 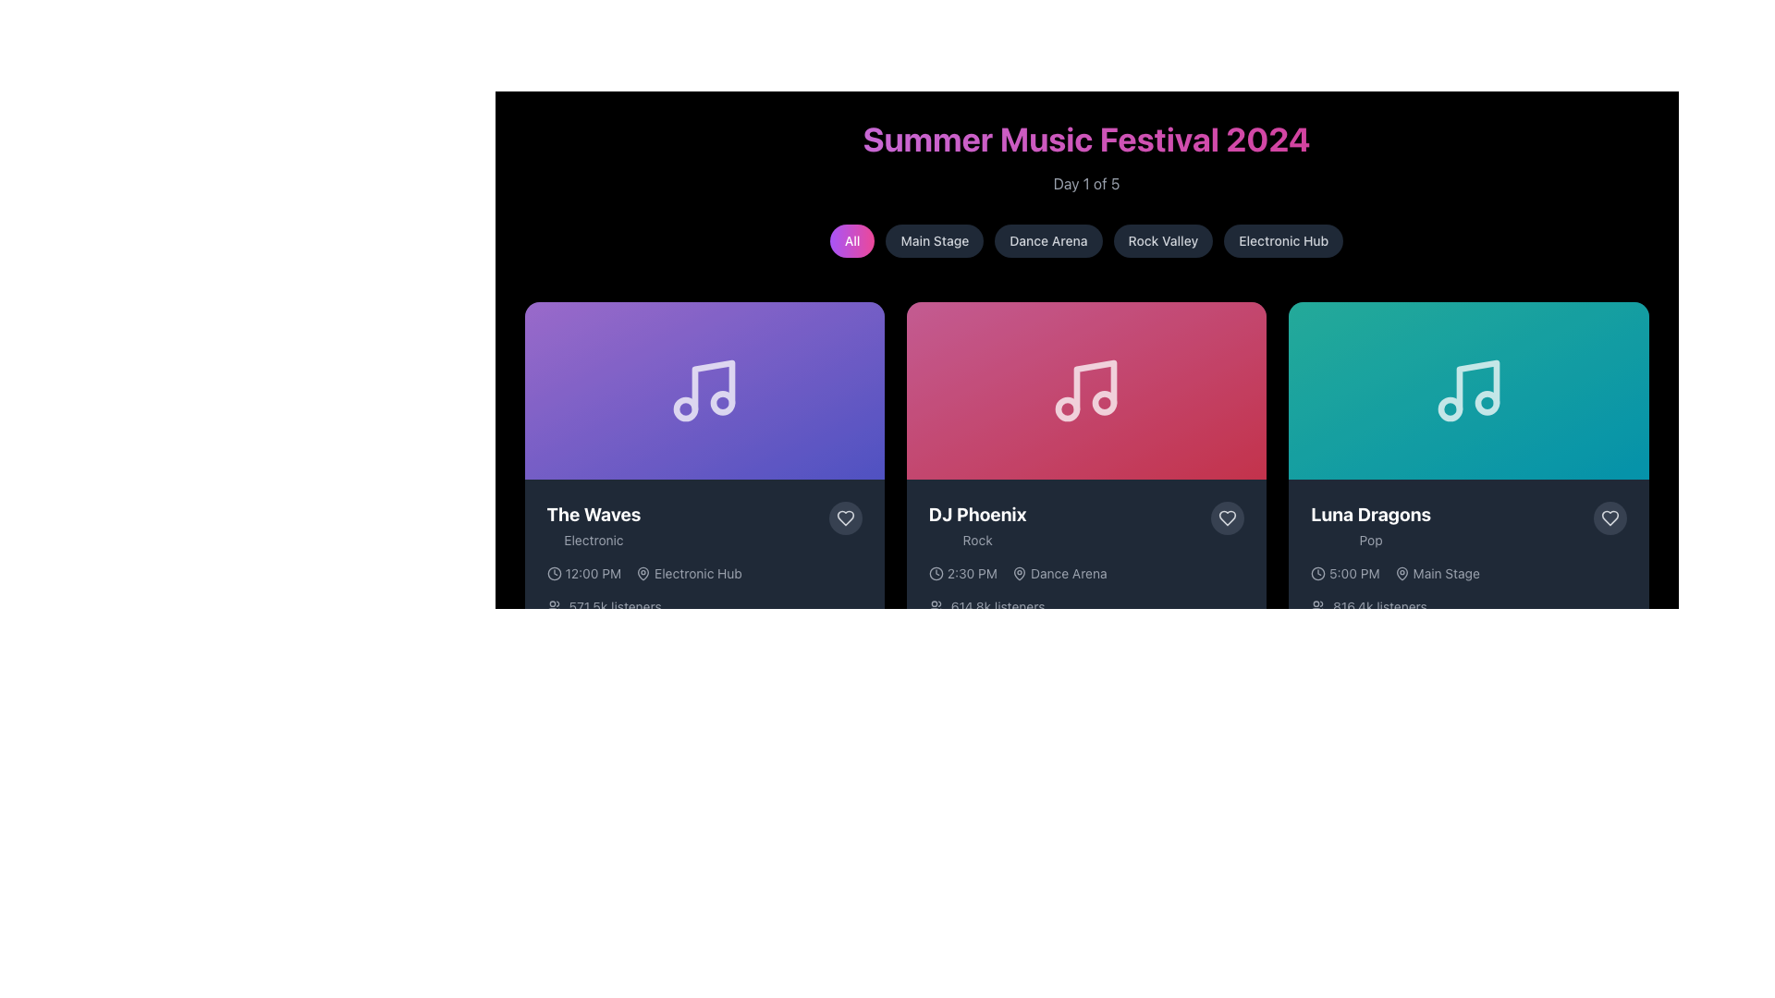 What do you see at coordinates (1059, 573) in the screenshot?
I see `the 'Dance Arena' label with location pin icon located in the bottom portion of DJ Phoenix's card, positioned to the right of the time indicator '2:30 PM'` at bounding box center [1059, 573].